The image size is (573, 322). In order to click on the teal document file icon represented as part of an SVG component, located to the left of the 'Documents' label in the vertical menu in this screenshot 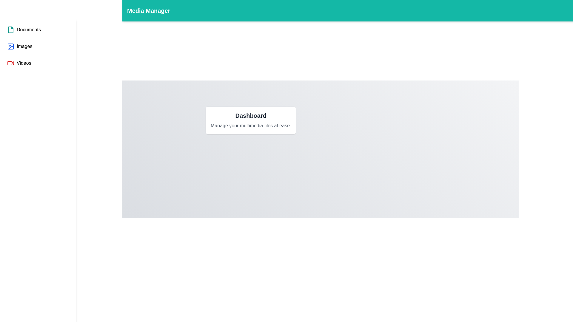, I will do `click(10, 30)`.